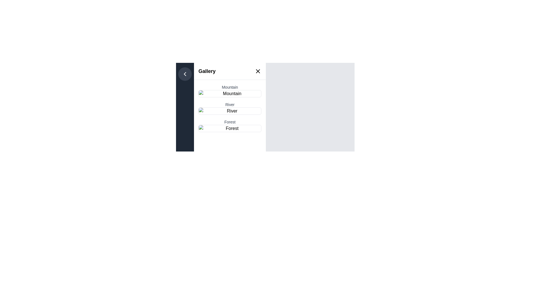  I want to click on the chevron icon located at the center of the circular button in the navigation section on the left side of the interface, so click(185, 74).